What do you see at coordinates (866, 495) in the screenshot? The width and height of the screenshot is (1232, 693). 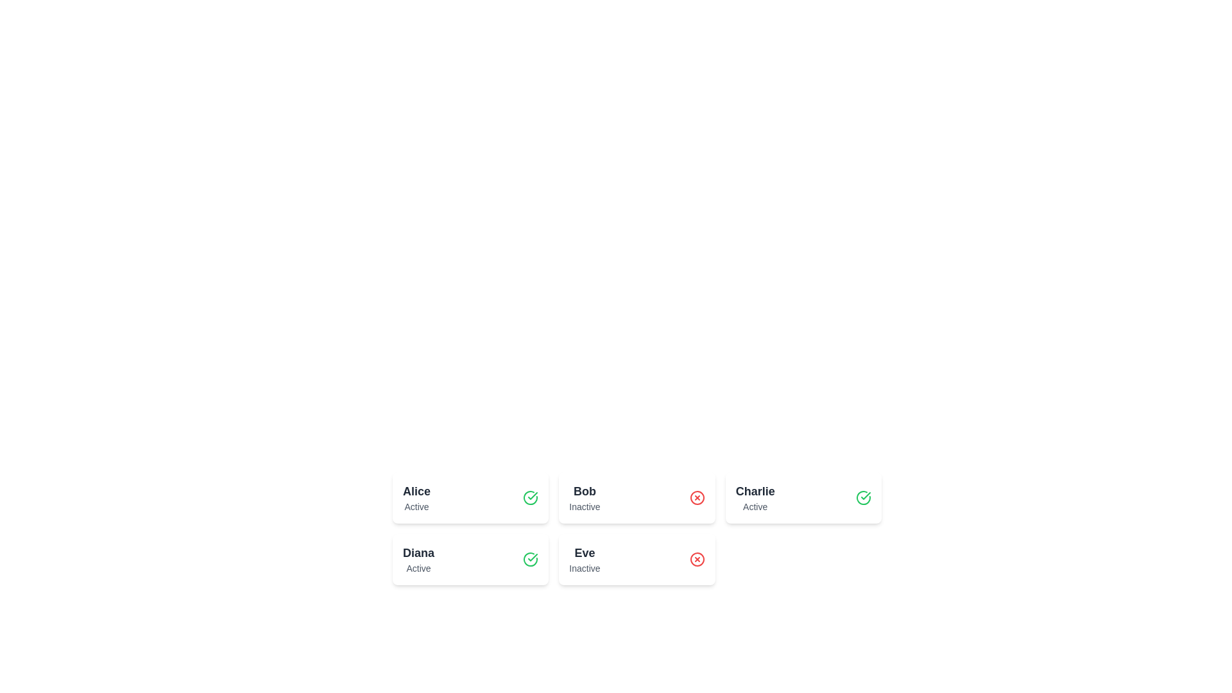 I see `the circular graphical icon indicating the successful or active status associated with the label 'Charlie' located at the top-right corner of the box` at bounding box center [866, 495].